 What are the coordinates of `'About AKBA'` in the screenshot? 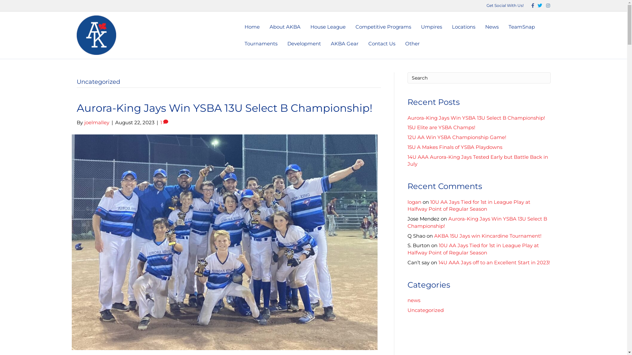 It's located at (285, 26).